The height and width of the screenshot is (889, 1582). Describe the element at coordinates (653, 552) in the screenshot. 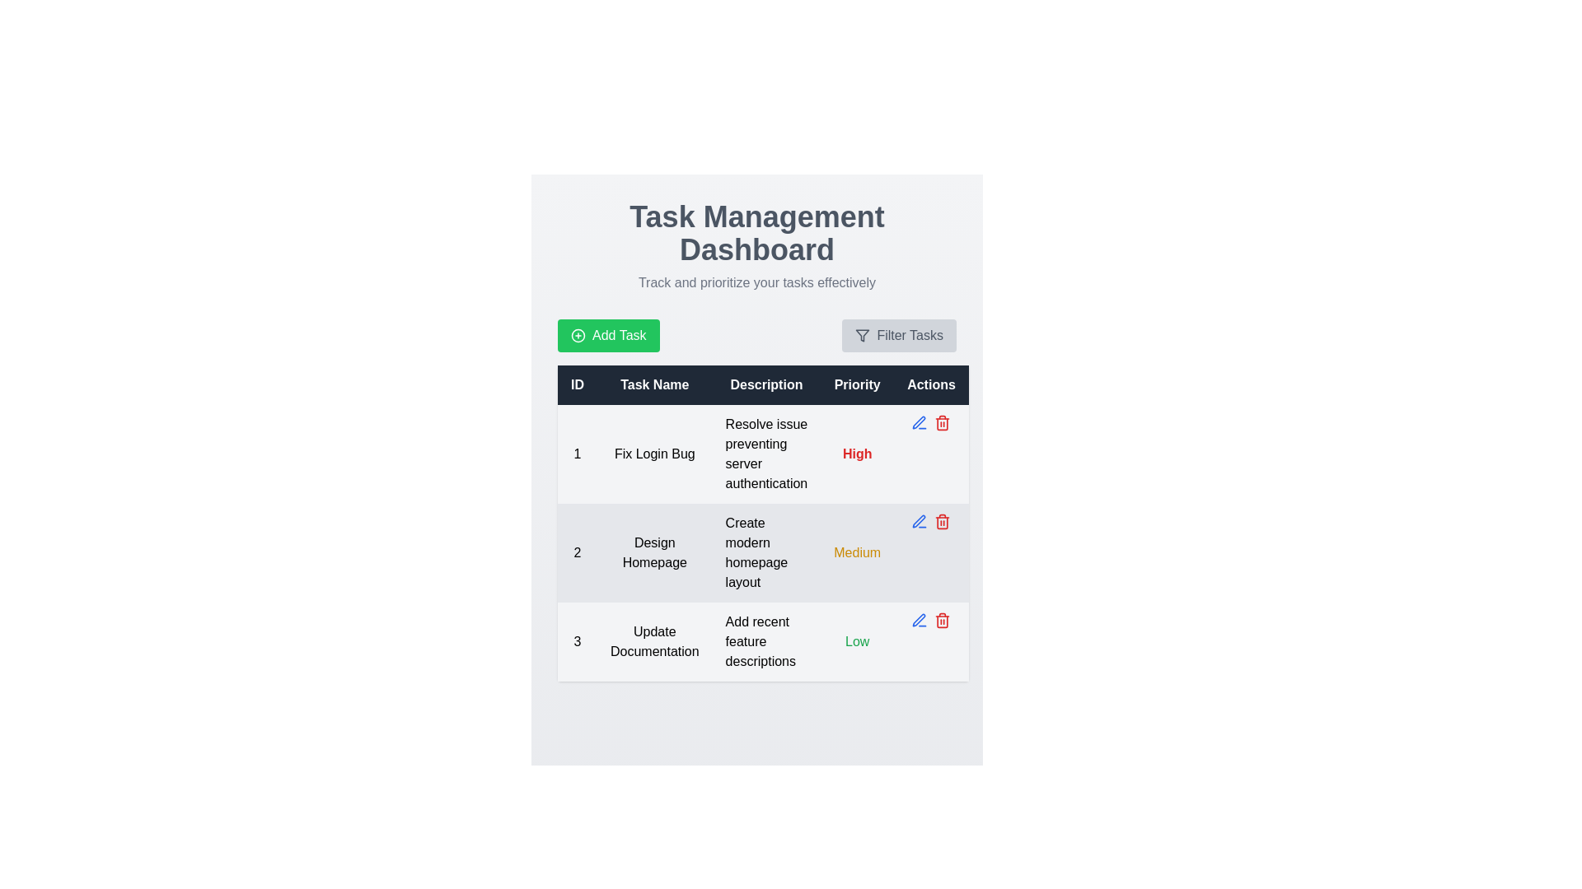

I see `the text label in the second cell of the 'Task Name' column for the task with ID '2', which identifies the task as 'Create modern homepage layout'` at that location.